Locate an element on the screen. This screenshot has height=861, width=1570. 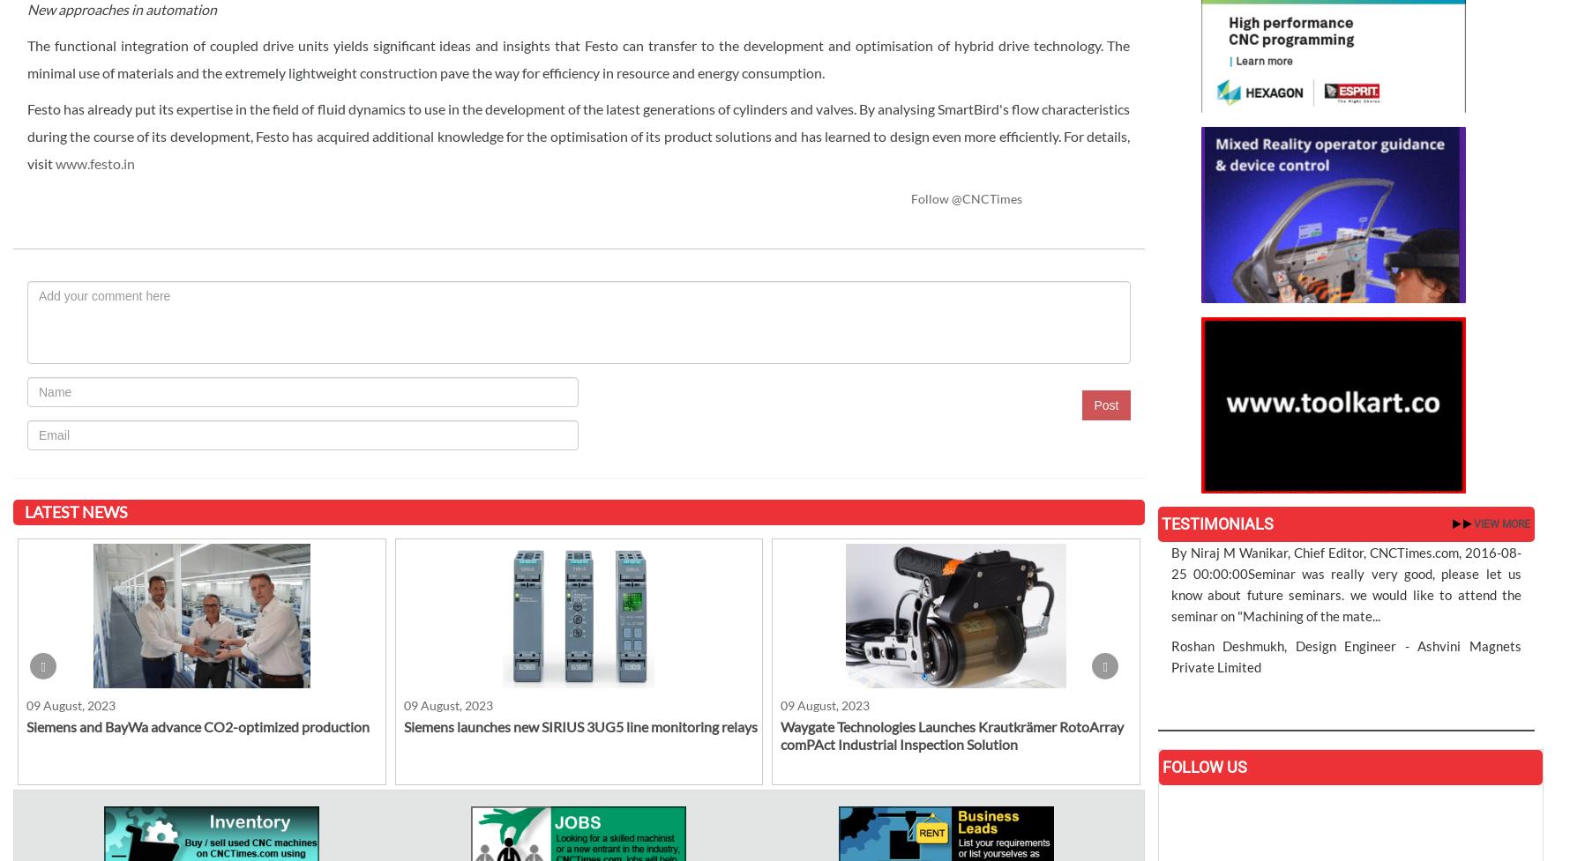
'New approaches in automation' is located at coordinates (121, 8).